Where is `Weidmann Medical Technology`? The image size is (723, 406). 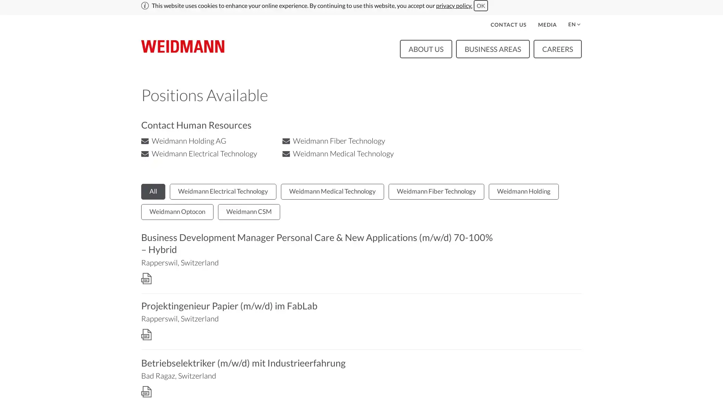
Weidmann Medical Technology is located at coordinates (332, 176).